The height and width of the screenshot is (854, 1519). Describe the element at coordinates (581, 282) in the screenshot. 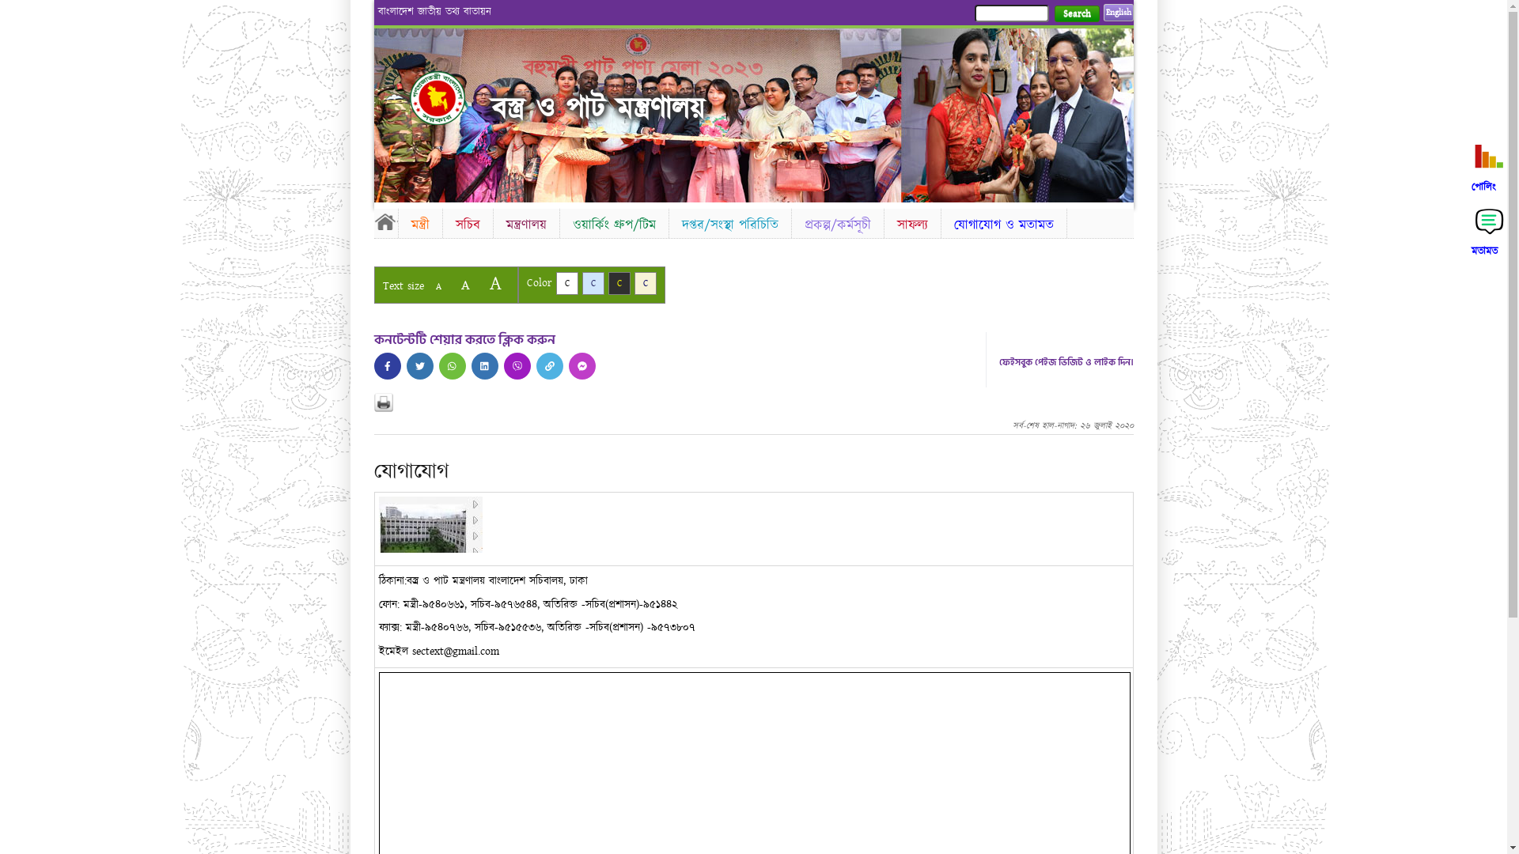

I see `'C'` at that location.